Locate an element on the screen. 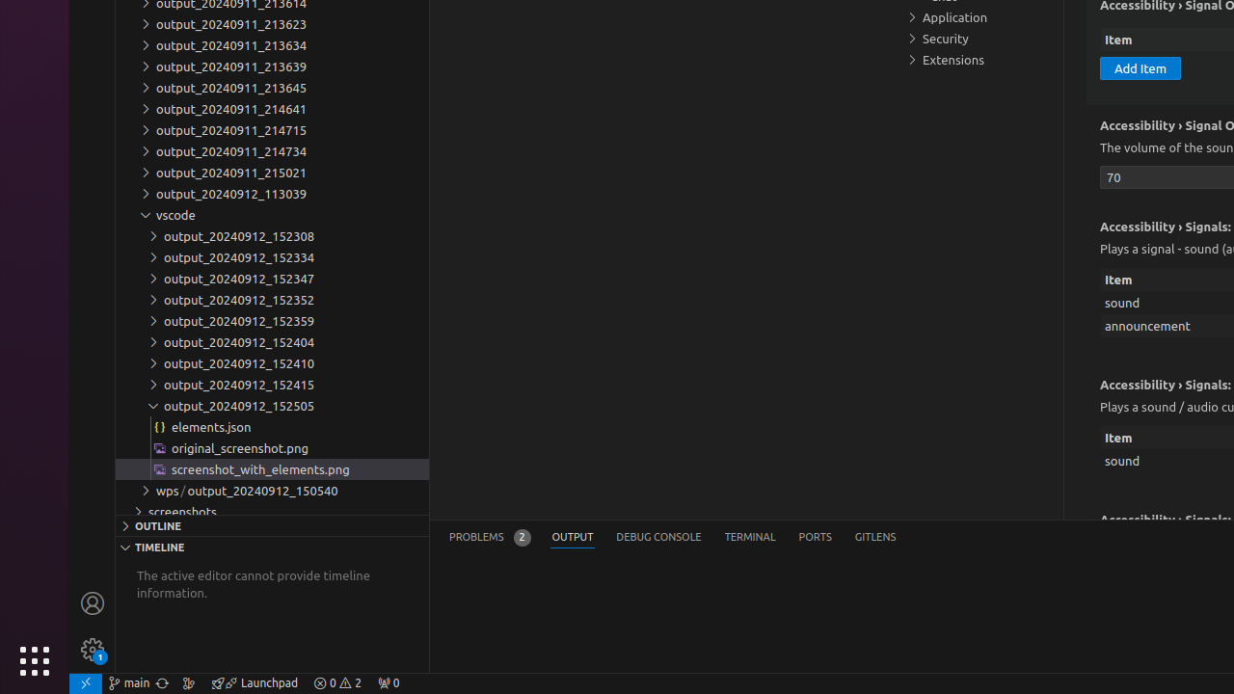 This screenshot has width=1234, height=694. 'Application, group' is located at coordinates (979, 17).